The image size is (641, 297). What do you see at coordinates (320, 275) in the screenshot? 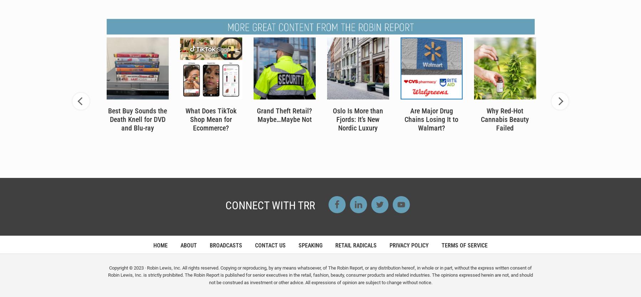
I see `'Copyright © 2023 · Robin Lewis, Inc. All rights reserved. Copying or reproducing, by any means whatsoever, of The Robin Report, or any distribution hereof, in whole or in part, without the express written consent of Robin Lewis, Inc. is strictly prohibited. The Robin Report is published for senior executives in the retail, fashion, beauty, consumer products and related industries. The opinions expressed herein are not, and should not be construed as investment or other advice. All expressions of opinion are subject to change without notice.'` at bounding box center [320, 275].